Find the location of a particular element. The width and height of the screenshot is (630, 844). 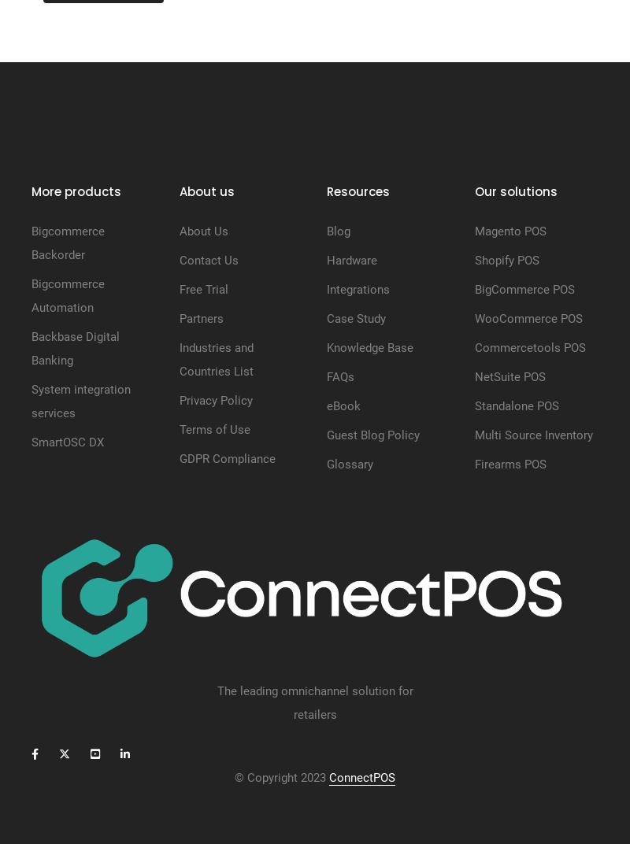

'Free Trial' is located at coordinates (202, 289).